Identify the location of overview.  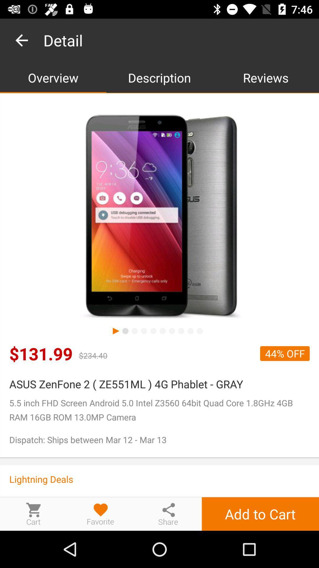
(53, 77).